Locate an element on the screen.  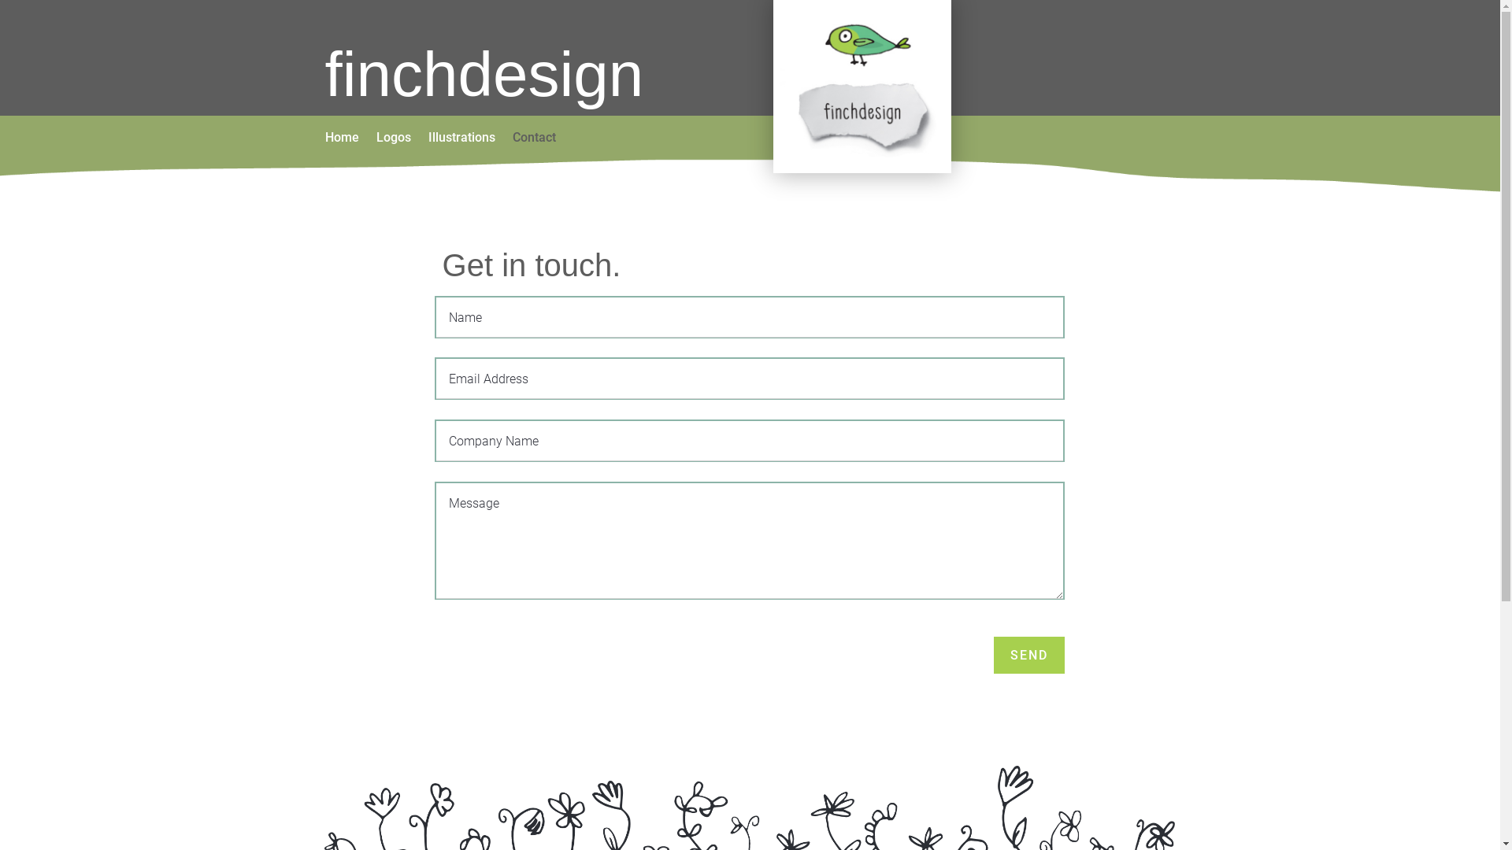
'SEND' is located at coordinates (1028, 655).